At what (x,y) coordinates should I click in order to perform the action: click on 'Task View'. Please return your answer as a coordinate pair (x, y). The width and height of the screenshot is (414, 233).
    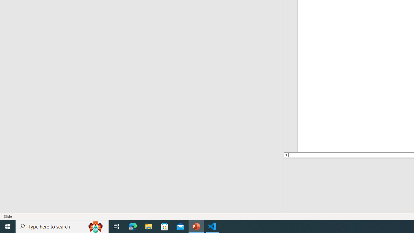
    Looking at the image, I should click on (116, 226).